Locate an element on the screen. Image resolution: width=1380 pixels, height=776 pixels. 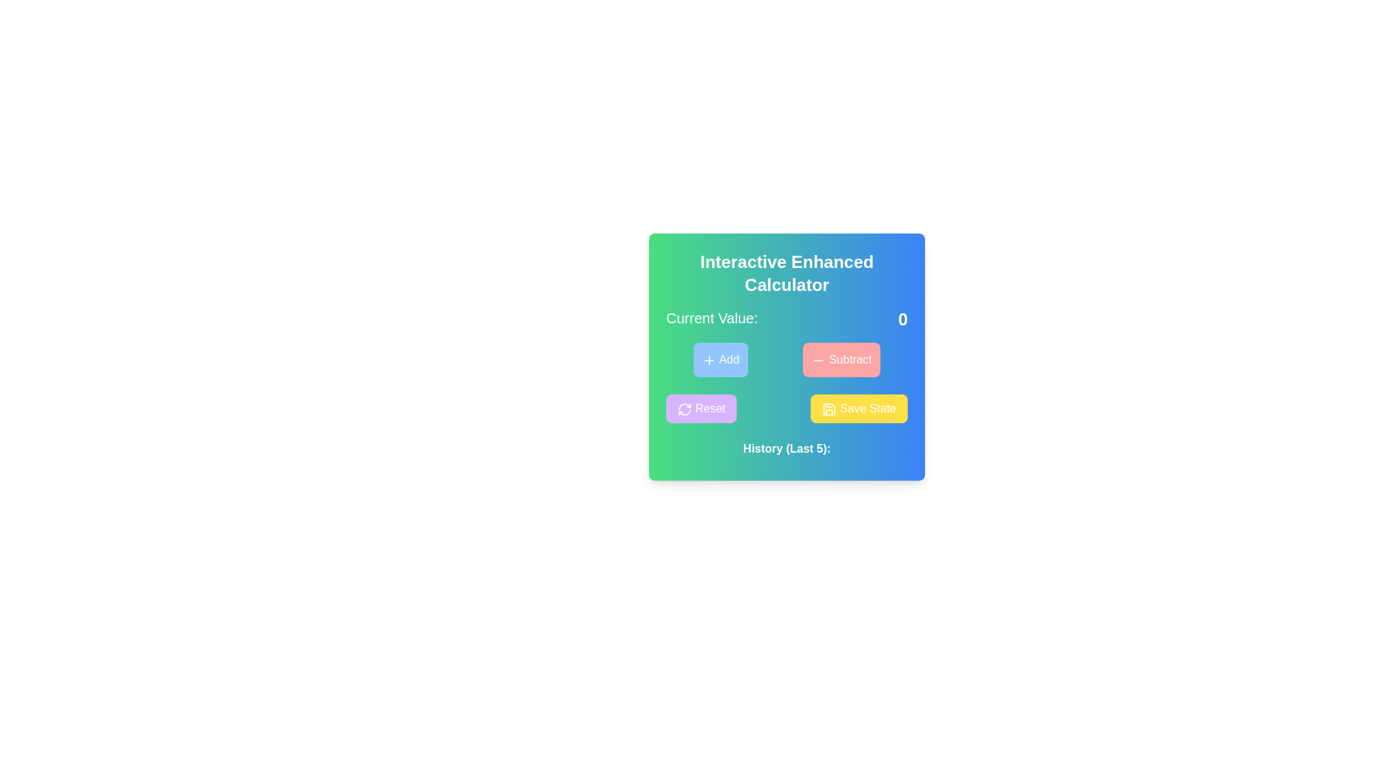
the 'Reset' button, which contains an icon indicating the reset action is located at coordinates (684, 409).